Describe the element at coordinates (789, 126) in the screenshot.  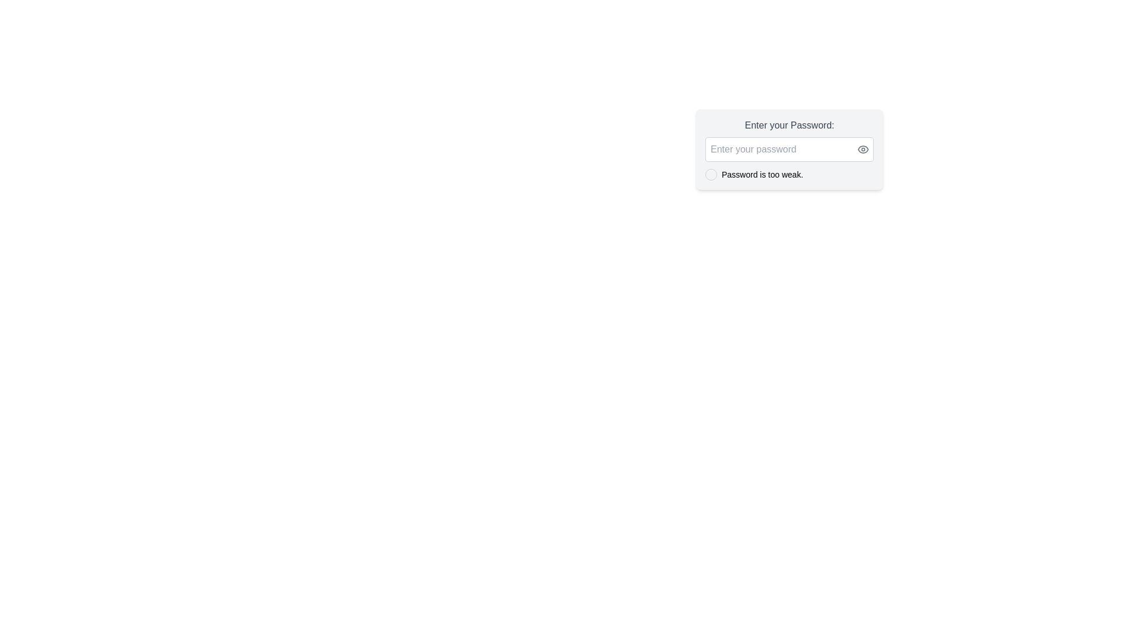
I see `the label that reads 'Enter your Password:', which is styled with a block layout and positioned above the password input field` at that location.